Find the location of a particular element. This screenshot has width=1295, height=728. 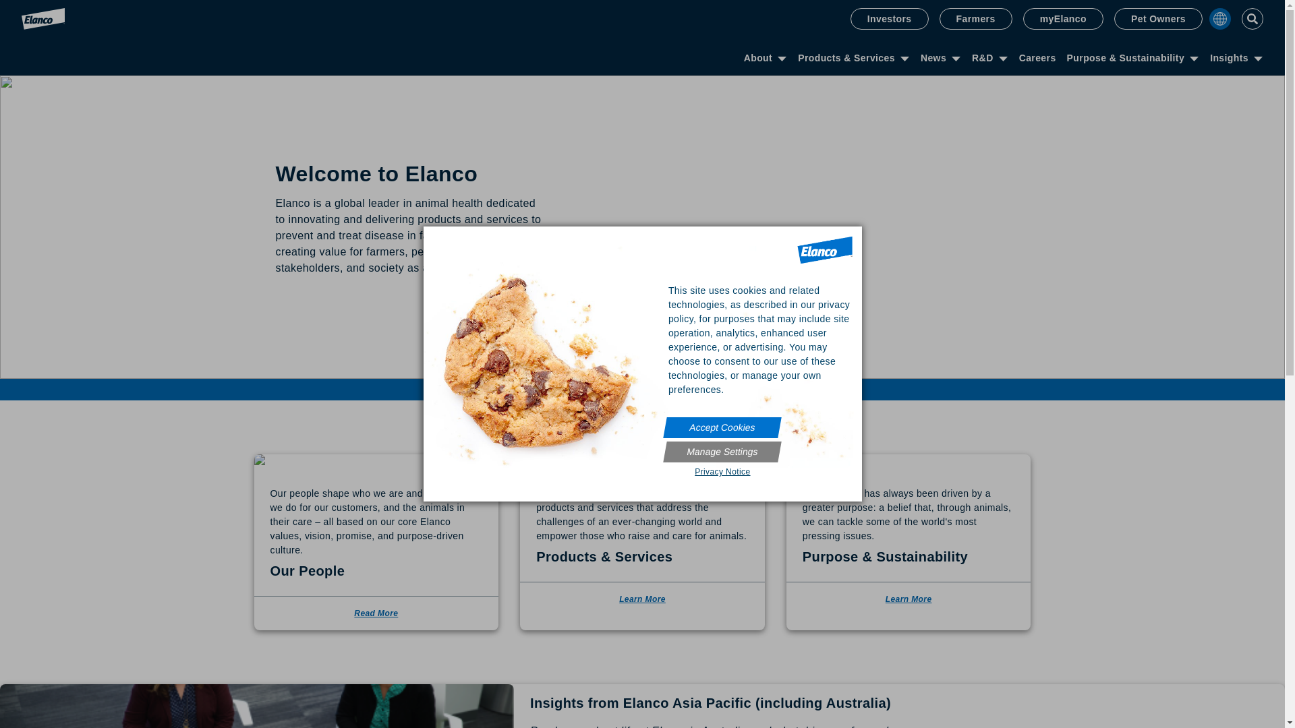

'Read More' is located at coordinates (376, 613).